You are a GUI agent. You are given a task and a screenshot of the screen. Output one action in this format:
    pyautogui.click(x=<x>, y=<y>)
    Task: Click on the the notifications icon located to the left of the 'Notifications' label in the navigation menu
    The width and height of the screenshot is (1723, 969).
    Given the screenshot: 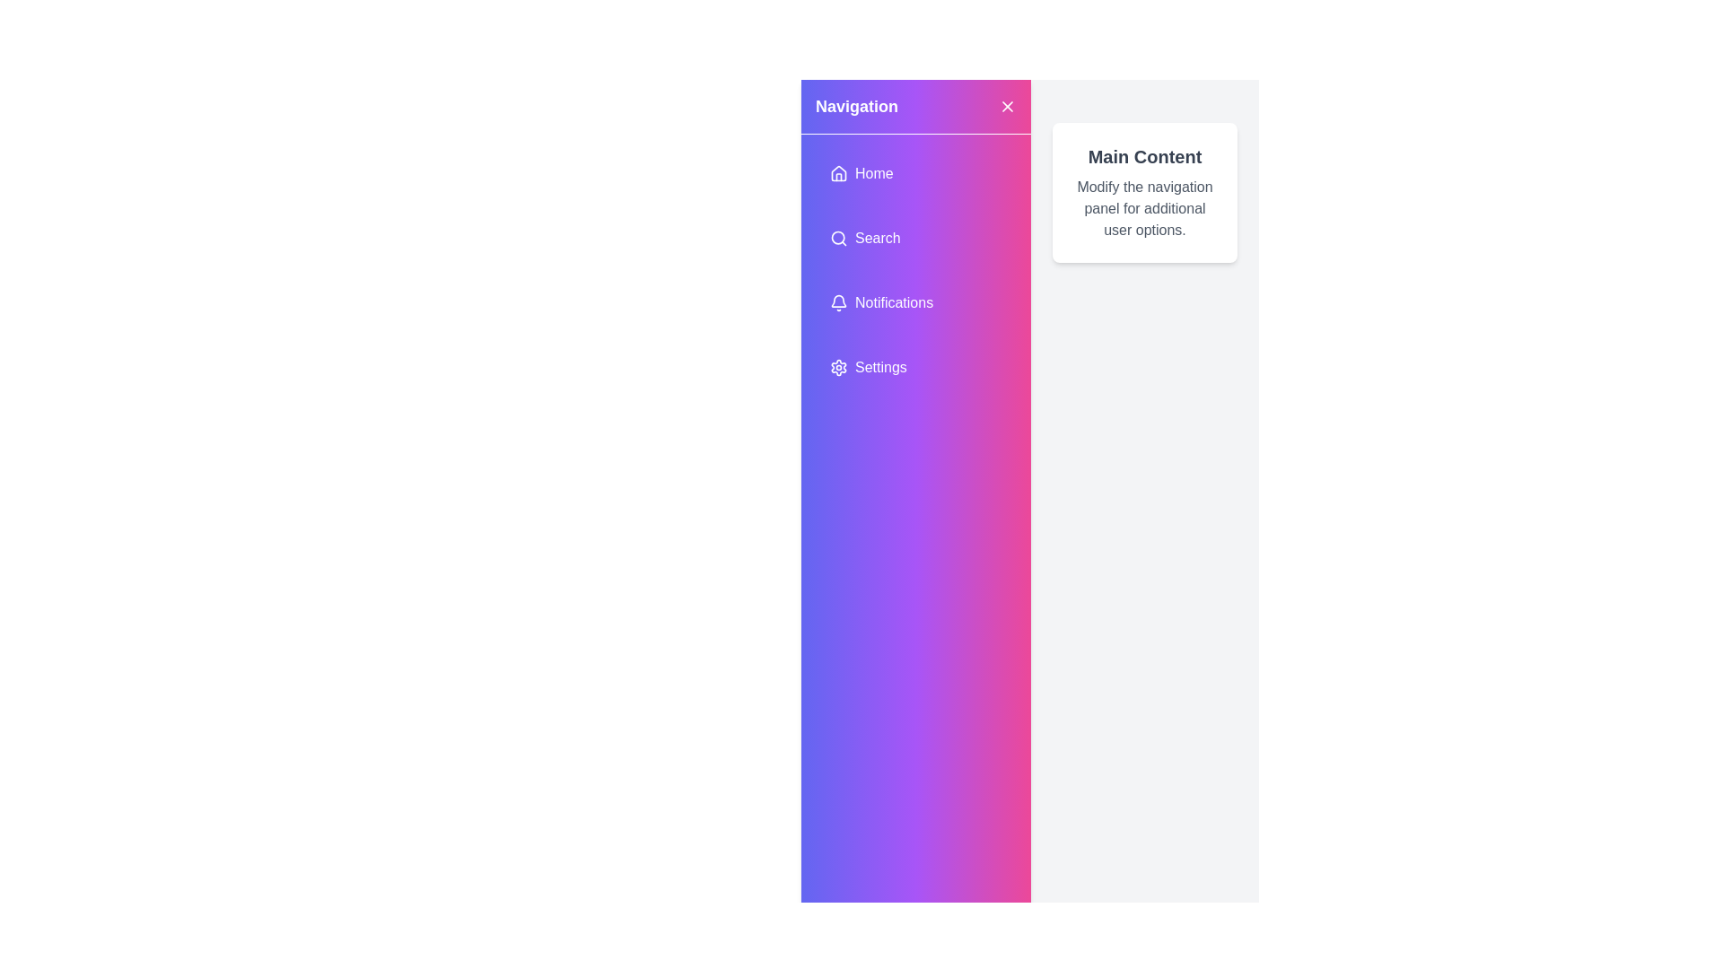 What is the action you would take?
    pyautogui.click(x=838, y=302)
    